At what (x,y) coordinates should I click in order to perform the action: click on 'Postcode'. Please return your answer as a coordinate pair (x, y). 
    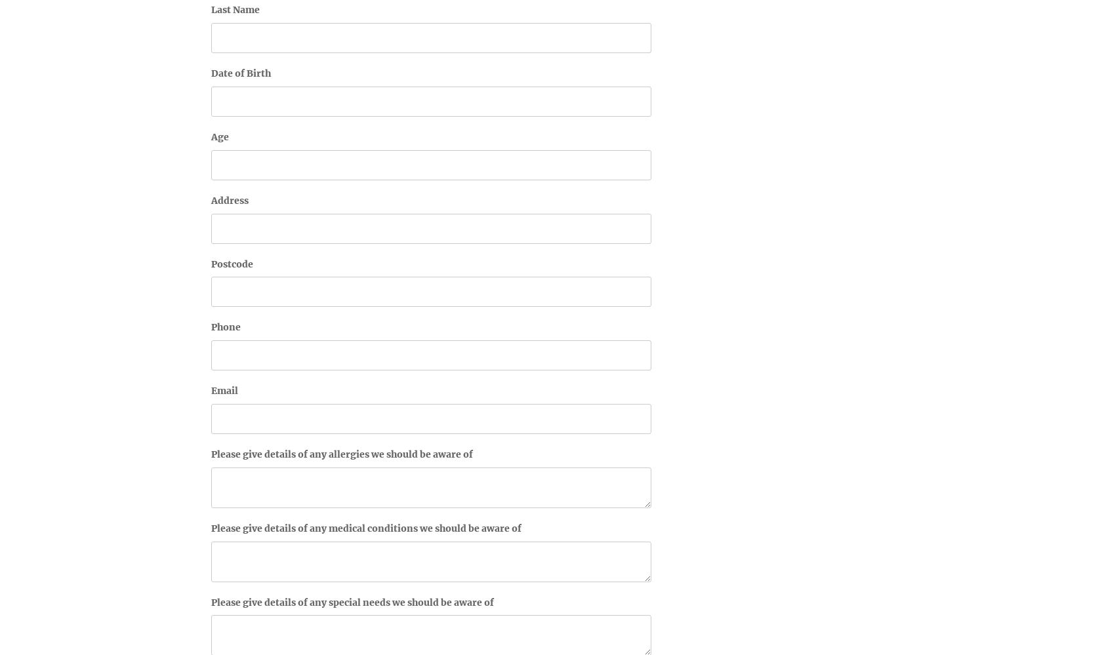
    Looking at the image, I should click on (211, 262).